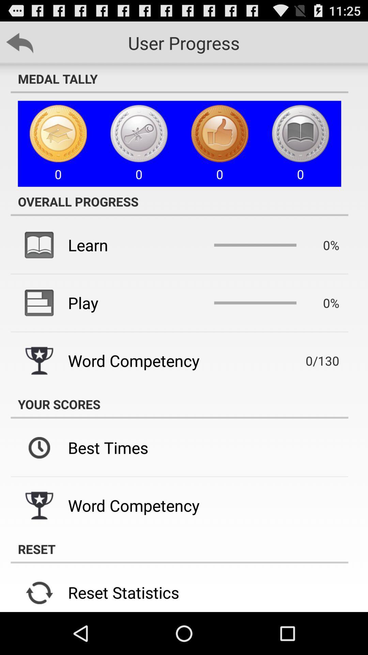 The height and width of the screenshot is (655, 368). What do you see at coordinates (179, 404) in the screenshot?
I see `your scores item` at bounding box center [179, 404].